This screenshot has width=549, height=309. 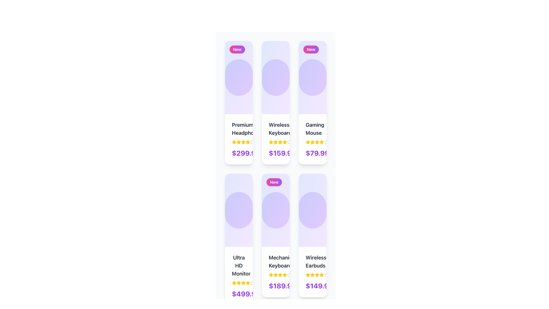 What do you see at coordinates (234, 282) in the screenshot?
I see `the gold star icon representing a rating in the product card for a multi-star rating interaction` at bounding box center [234, 282].